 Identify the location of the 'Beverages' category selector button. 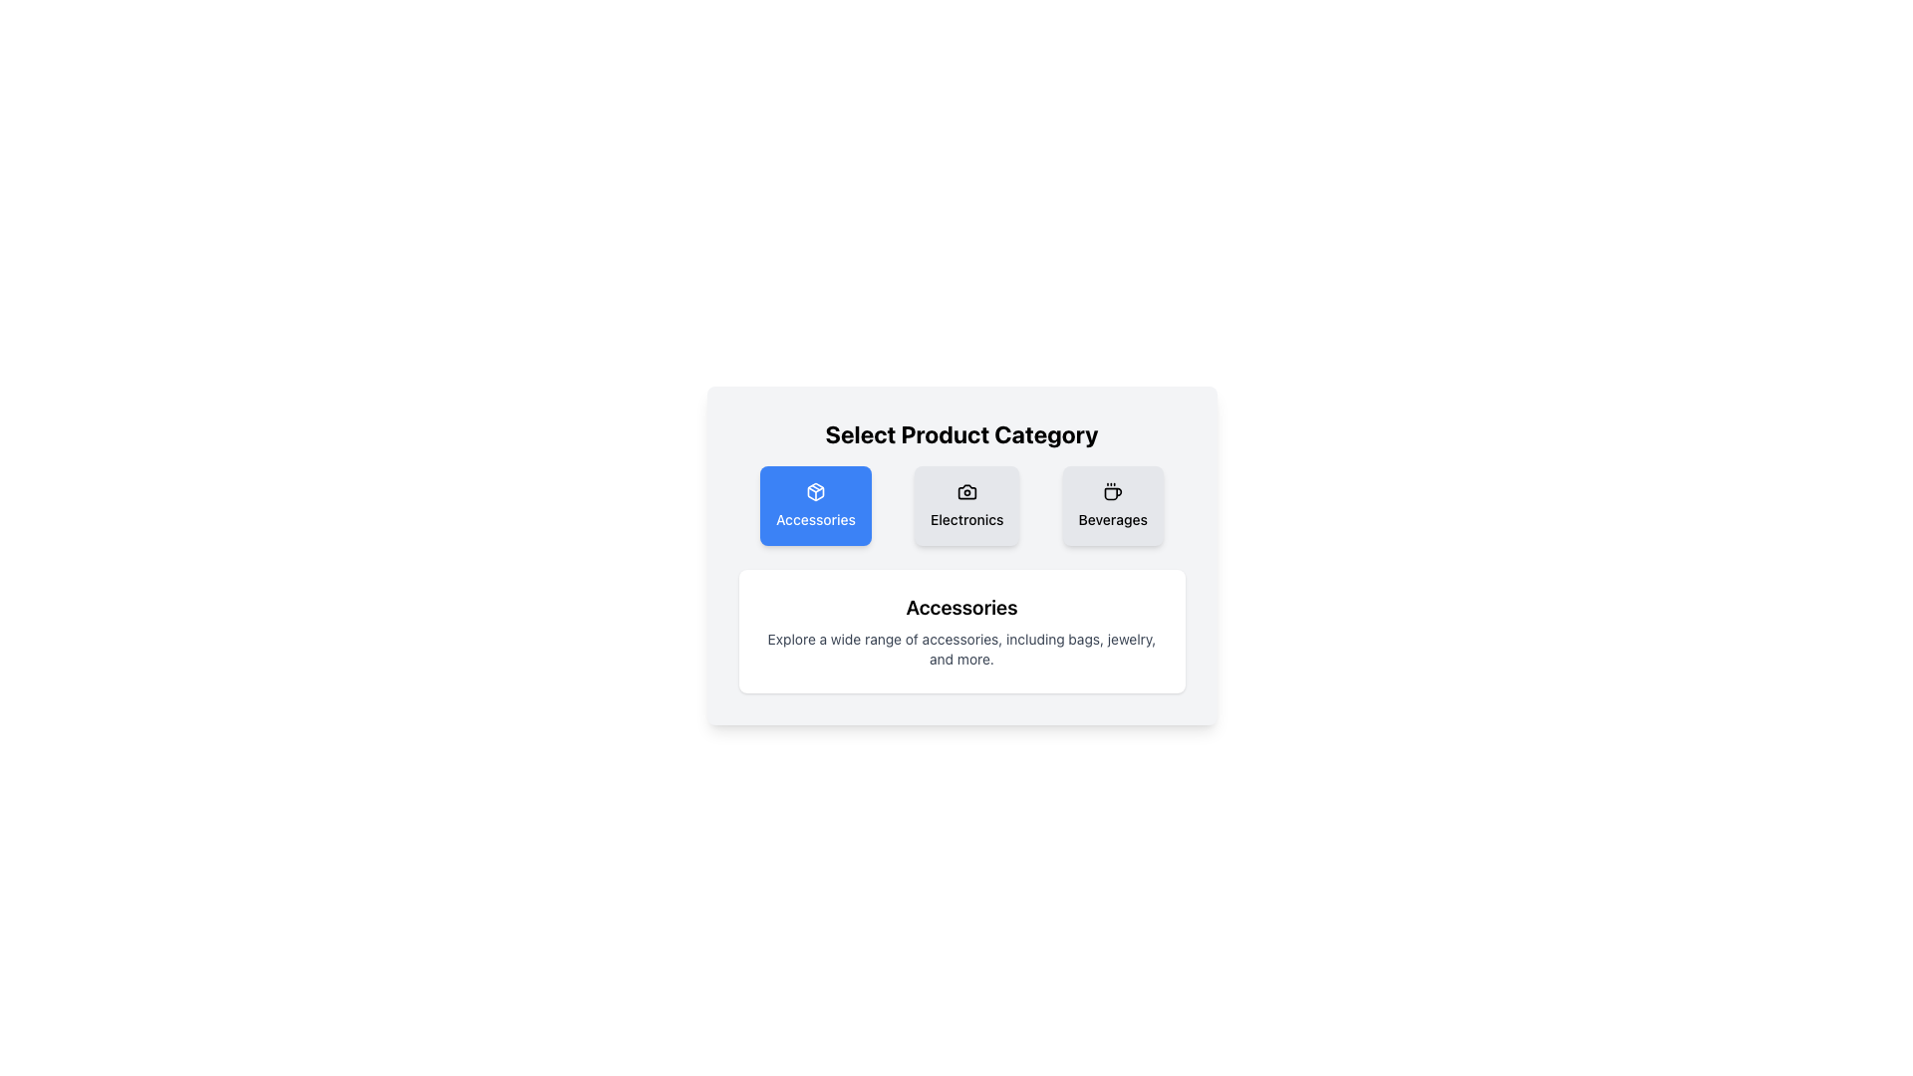
(1112, 505).